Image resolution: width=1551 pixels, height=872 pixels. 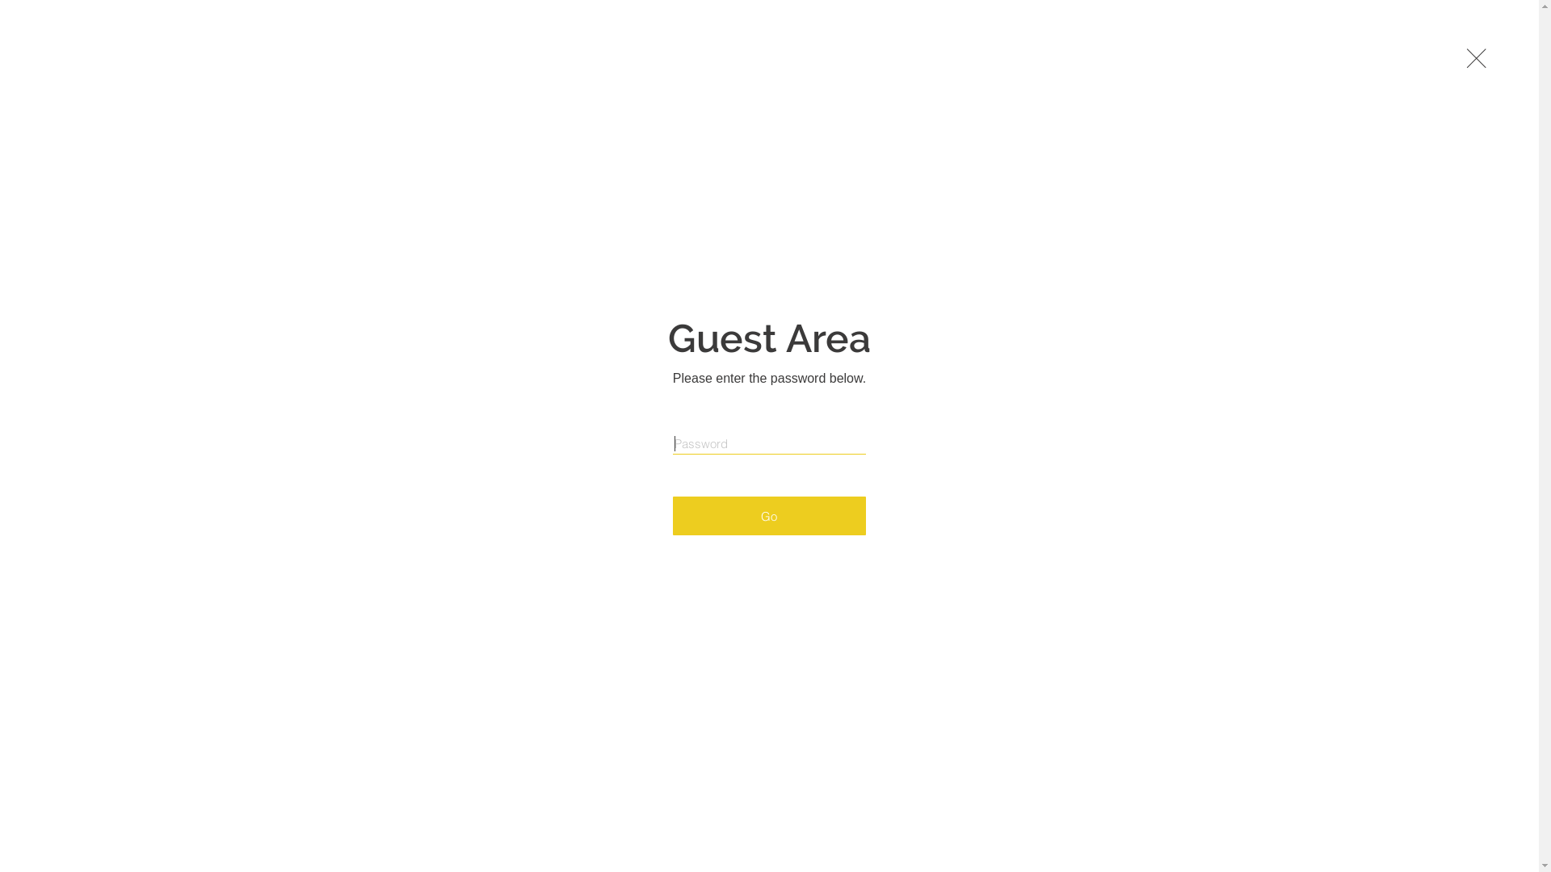 I want to click on 'Go', so click(x=673, y=516).